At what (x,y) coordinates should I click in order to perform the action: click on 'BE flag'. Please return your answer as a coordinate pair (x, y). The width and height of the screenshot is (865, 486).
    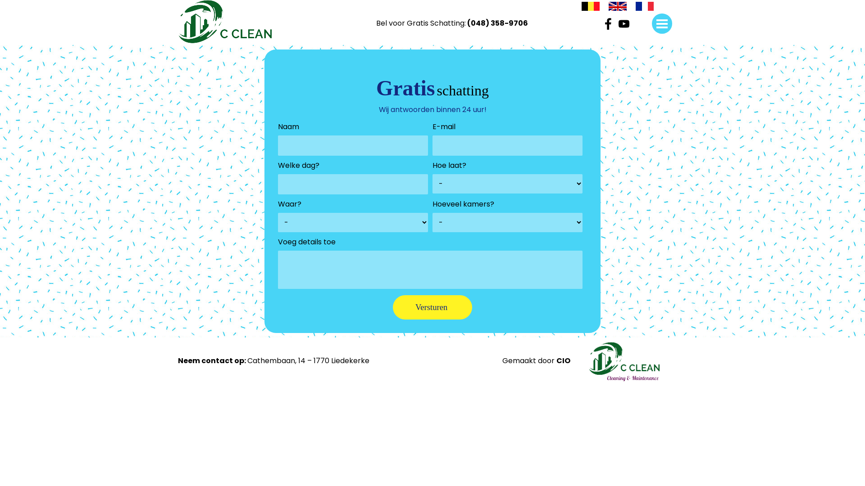
    Looking at the image, I should click on (590, 8).